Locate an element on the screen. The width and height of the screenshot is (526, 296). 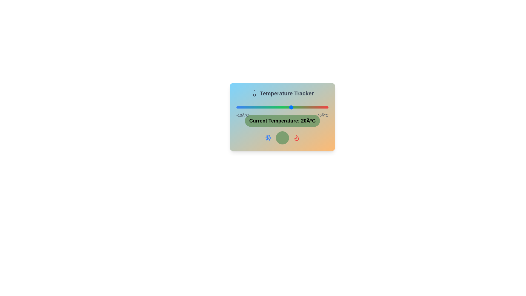
the temperature slider to set the temperature to 15°C is located at coordinates (282, 107).